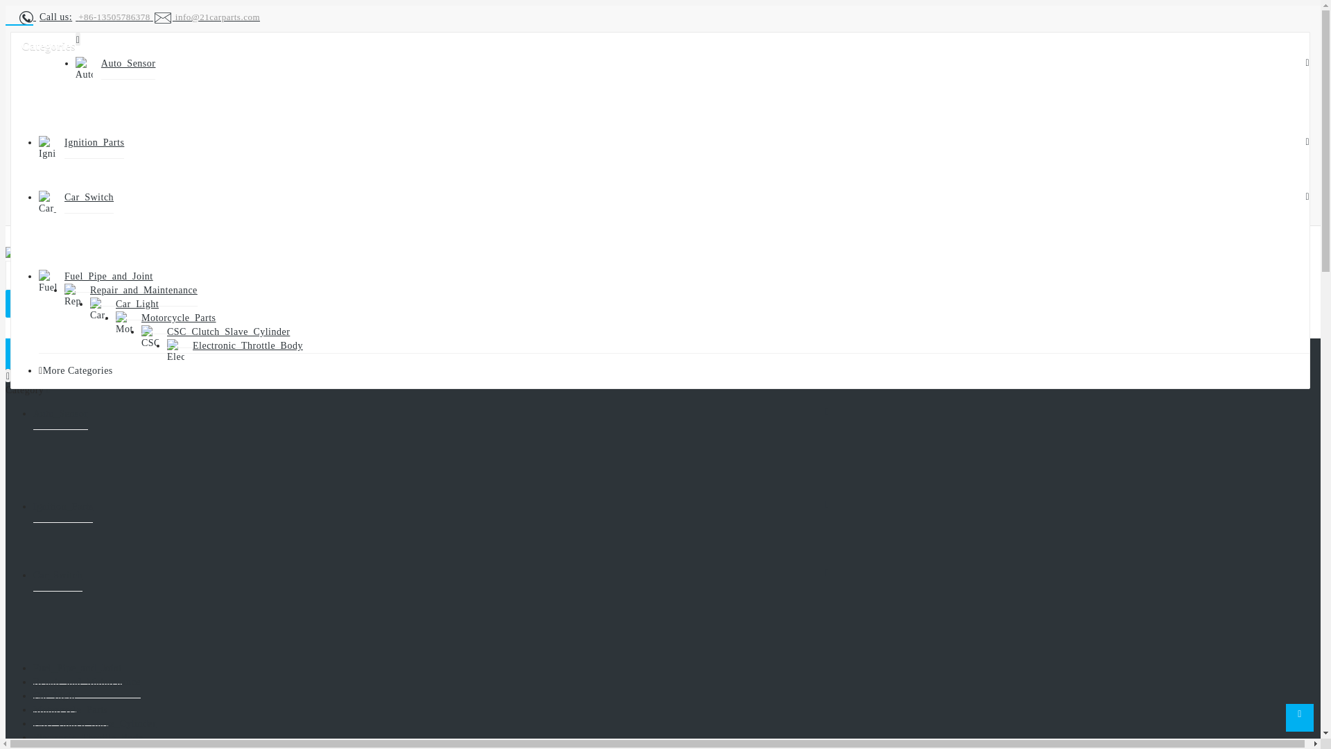 The width and height of the screenshot is (1331, 749). I want to click on 'Fuel_Pipe_And_Joint', so click(76, 668).